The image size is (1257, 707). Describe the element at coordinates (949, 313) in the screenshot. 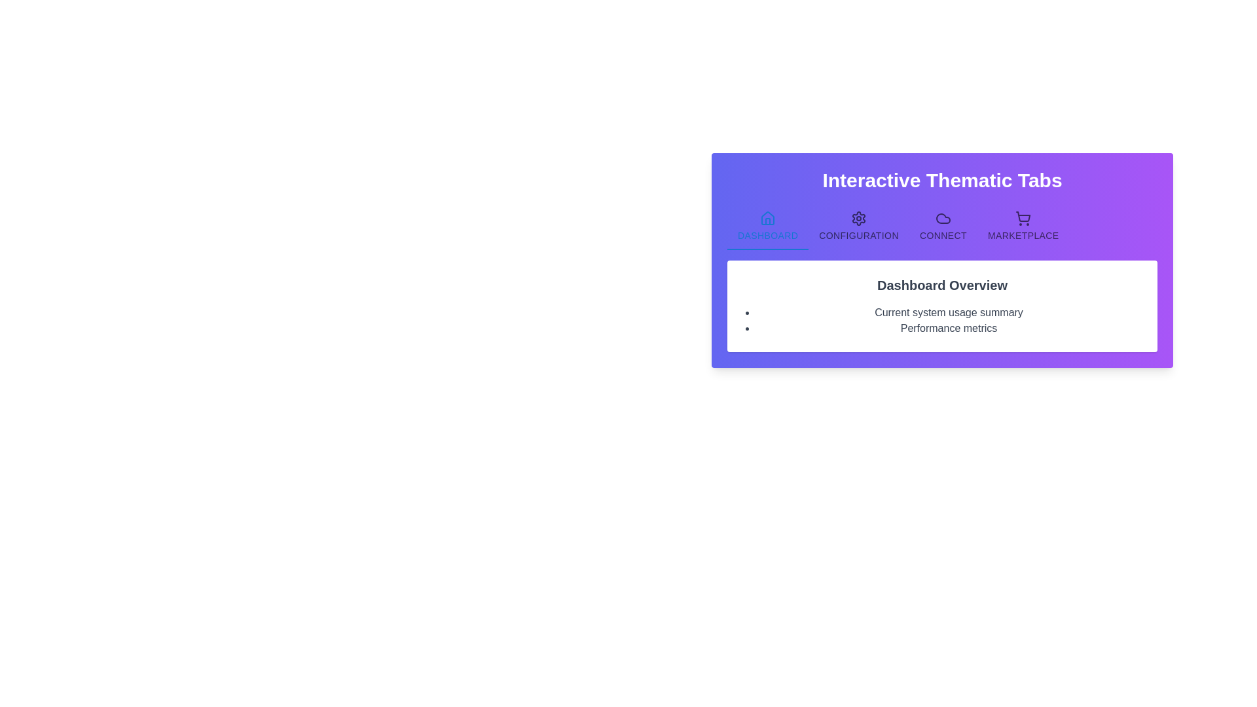

I see `the text label displaying 'Current system usage summary', which is the first item in a bullet-point list under the 'Dashboard Overview' heading, located at the center of the interface` at that location.